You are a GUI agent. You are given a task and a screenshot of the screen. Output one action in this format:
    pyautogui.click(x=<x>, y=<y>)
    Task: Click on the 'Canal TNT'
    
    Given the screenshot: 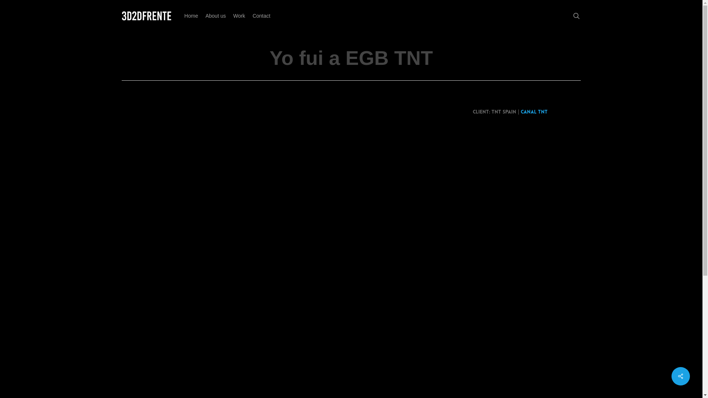 What is the action you would take?
    pyautogui.click(x=534, y=112)
    